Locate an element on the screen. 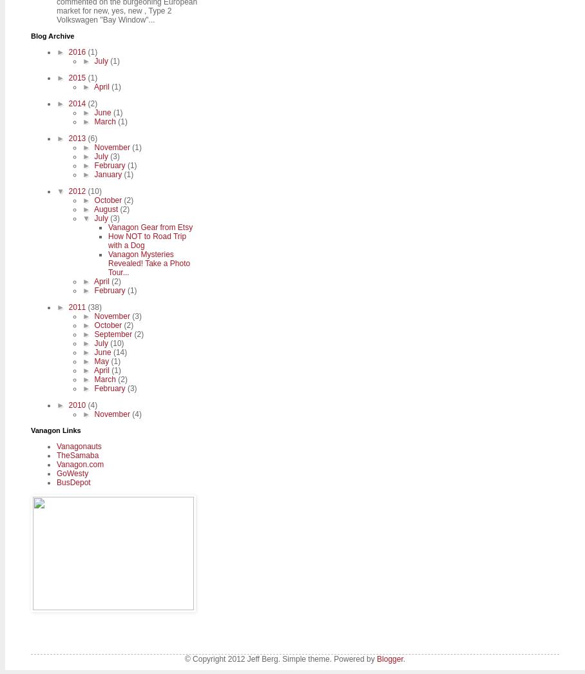 The image size is (585, 674). 'Vanagonauts' is located at coordinates (79, 446).